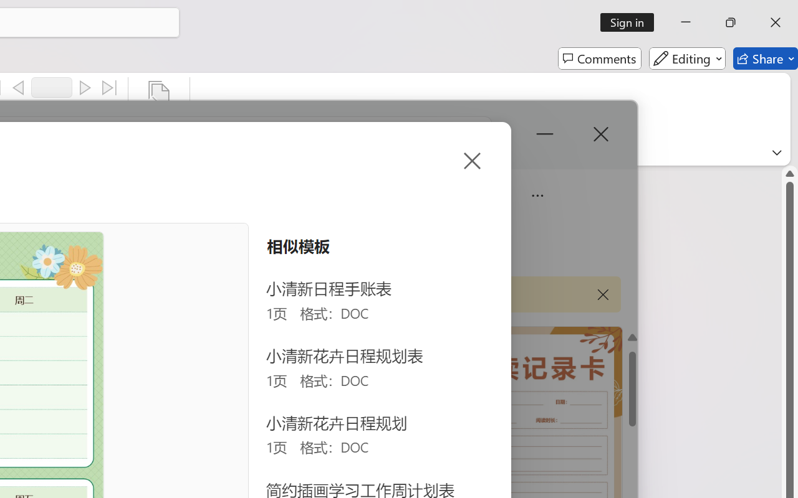 The width and height of the screenshot is (798, 498). I want to click on 'Sign in', so click(632, 22).